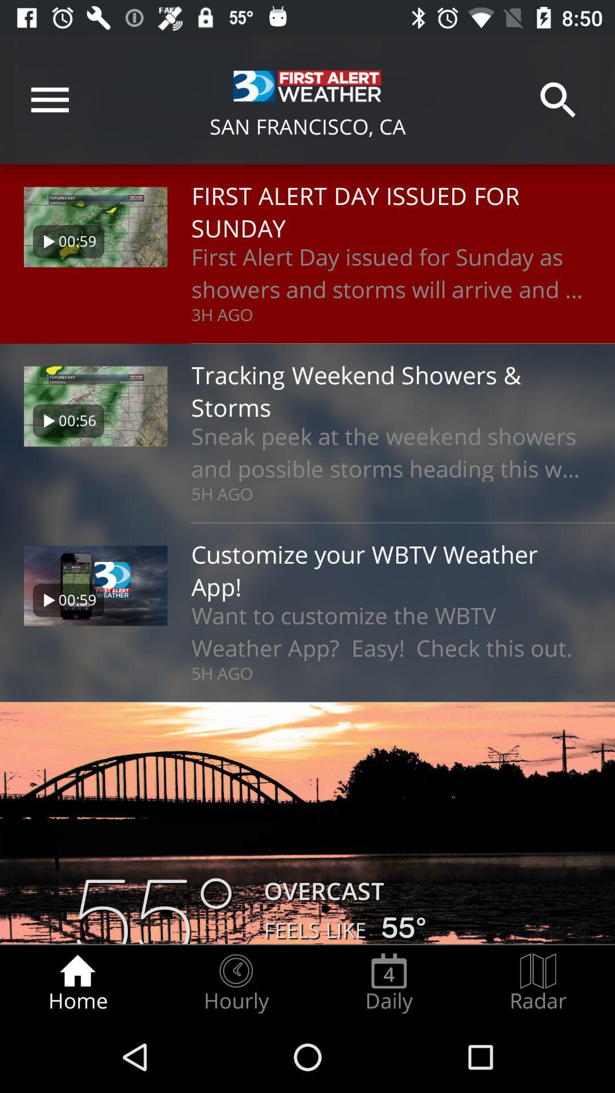  What do you see at coordinates (235, 983) in the screenshot?
I see `radio button next to the home` at bounding box center [235, 983].